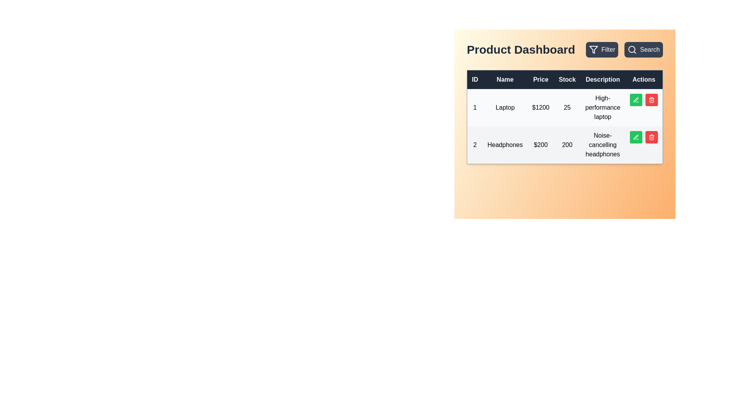 This screenshot has width=747, height=420. Describe the element at coordinates (652, 100) in the screenshot. I see `the red button with a white trash icon located under the 'Actions' column` at that location.